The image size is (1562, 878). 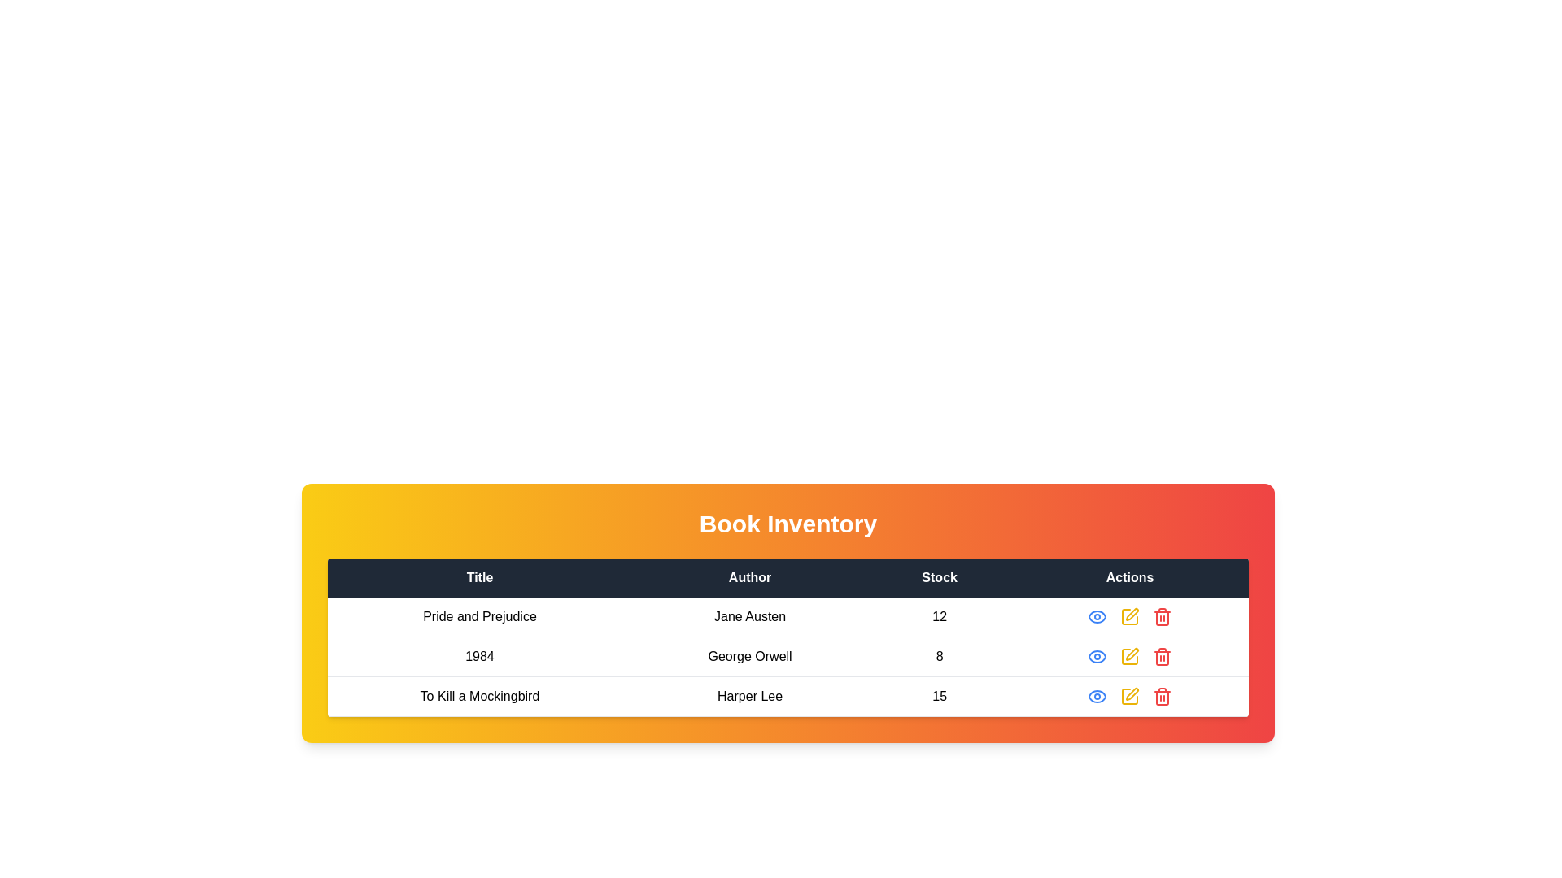 I want to click on the first row of the book inventory table, which displays the book's title, author, and stock count, to interact with its individual parts, so click(x=788, y=617).